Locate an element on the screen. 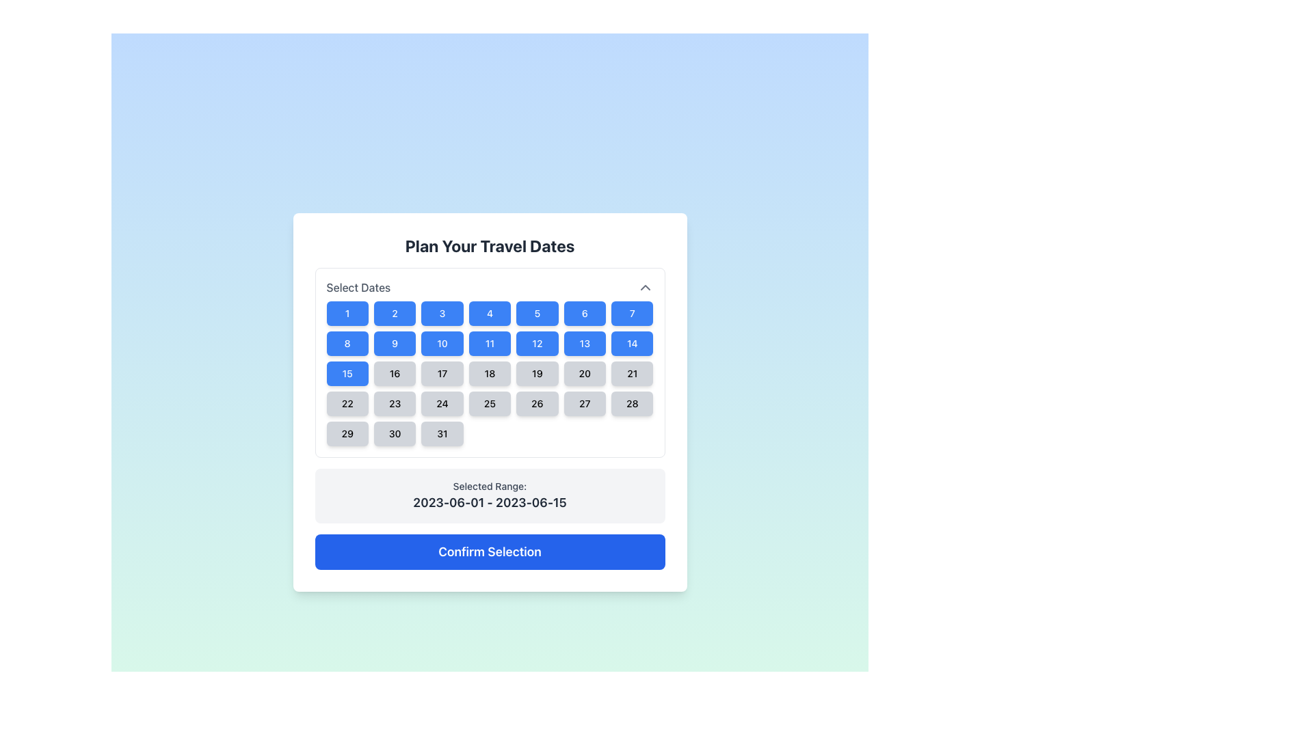 Image resolution: width=1313 pixels, height=738 pixels. the square button displaying the number '25' in the date selection interface is located at coordinates (490, 402).